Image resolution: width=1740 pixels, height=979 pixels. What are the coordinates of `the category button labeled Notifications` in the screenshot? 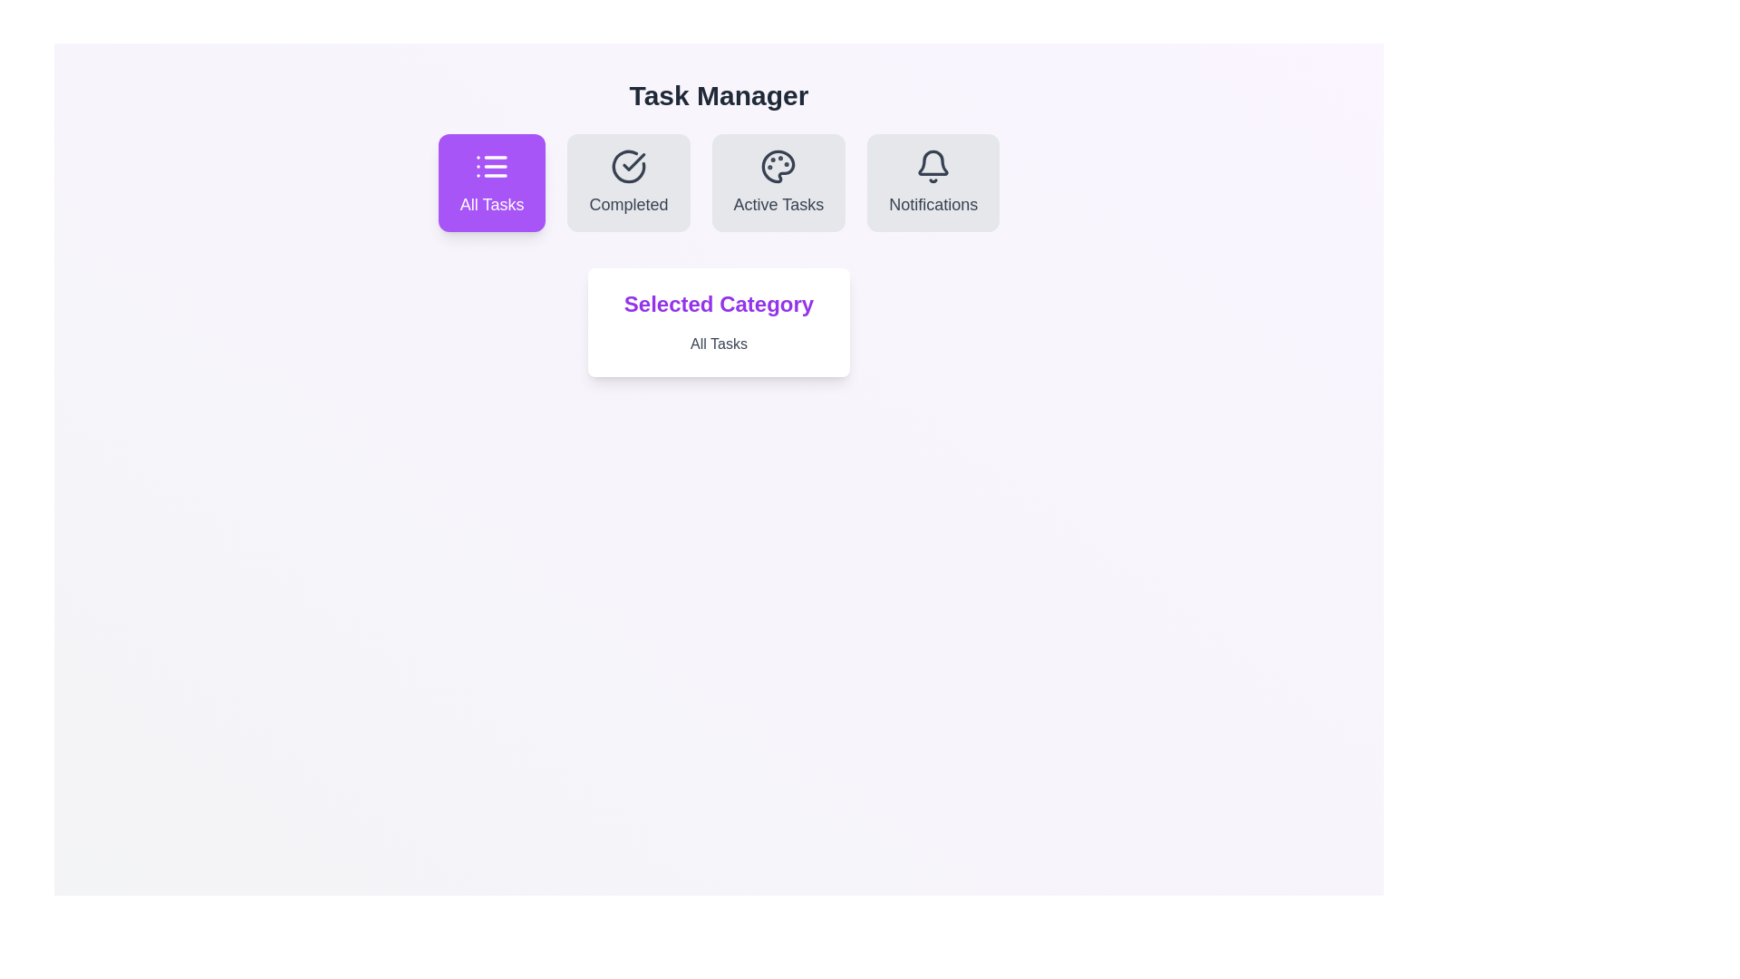 It's located at (933, 182).